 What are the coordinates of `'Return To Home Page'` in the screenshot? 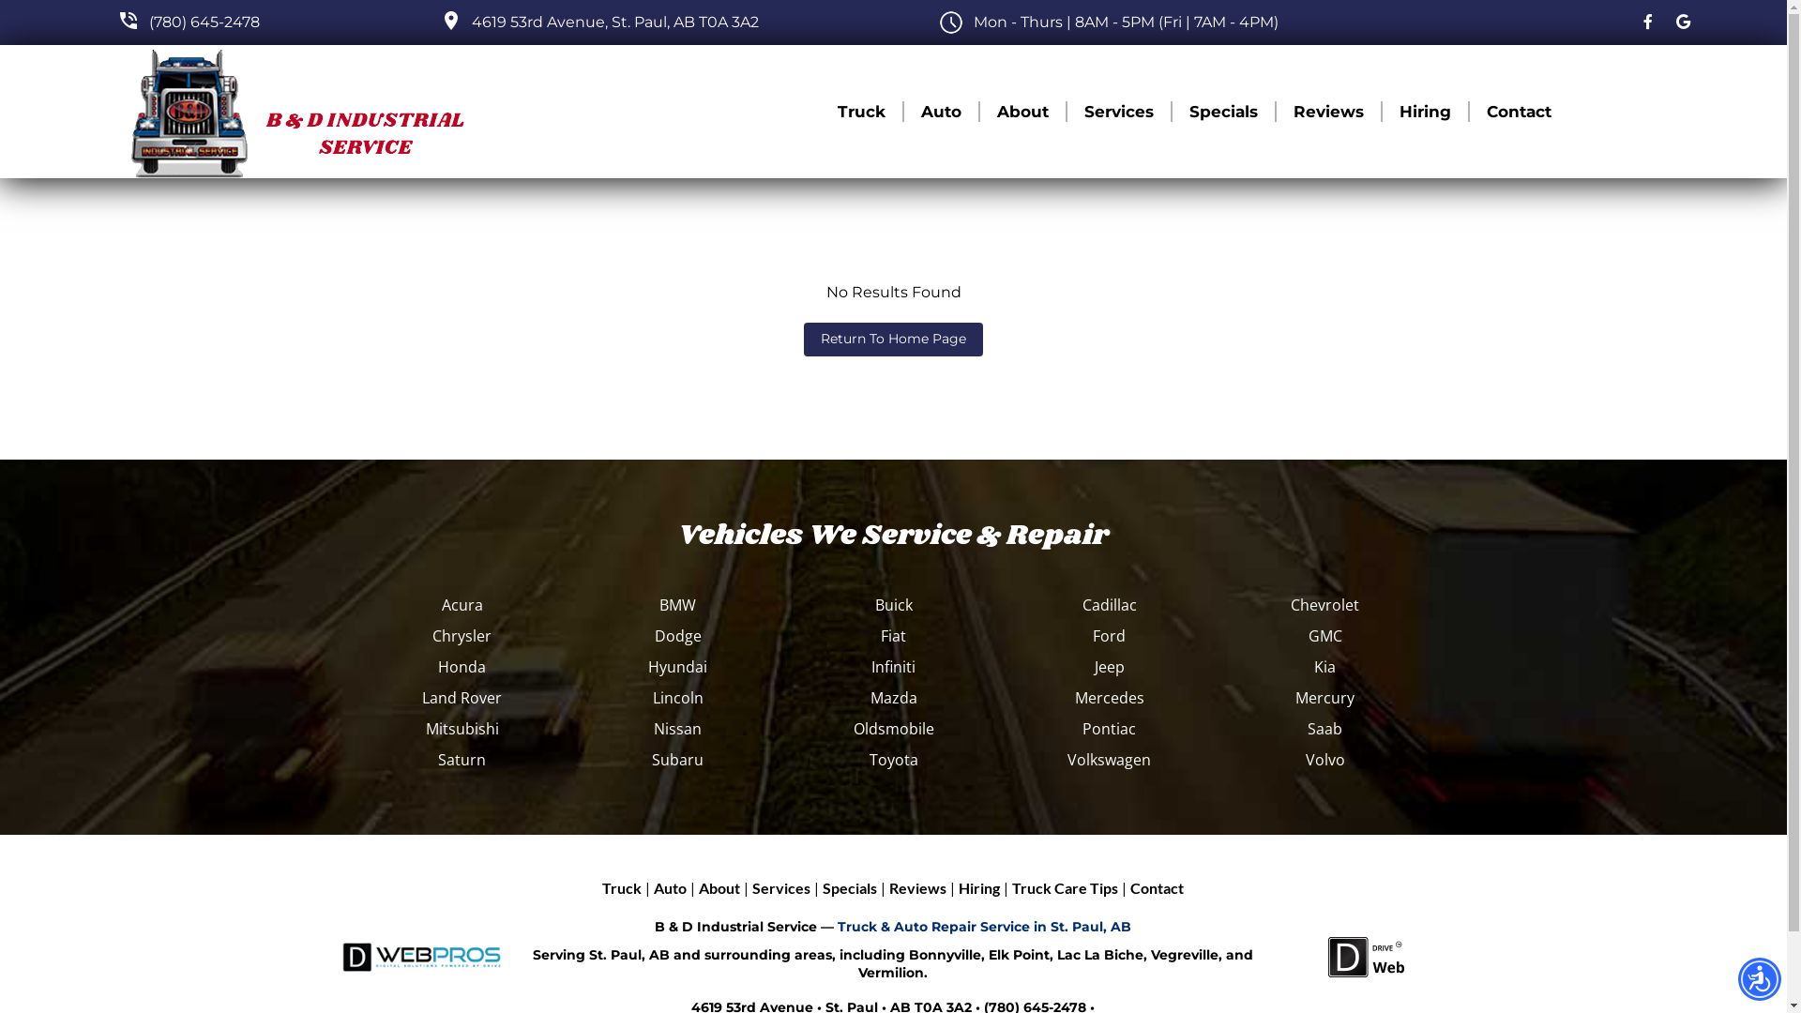 It's located at (892, 340).